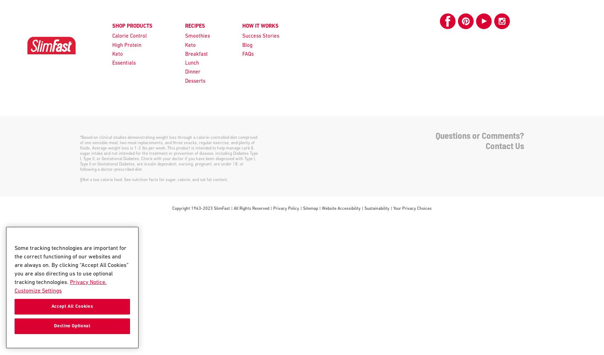  What do you see at coordinates (505, 146) in the screenshot?
I see `'Contact Us'` at bounding box center [505, 146].